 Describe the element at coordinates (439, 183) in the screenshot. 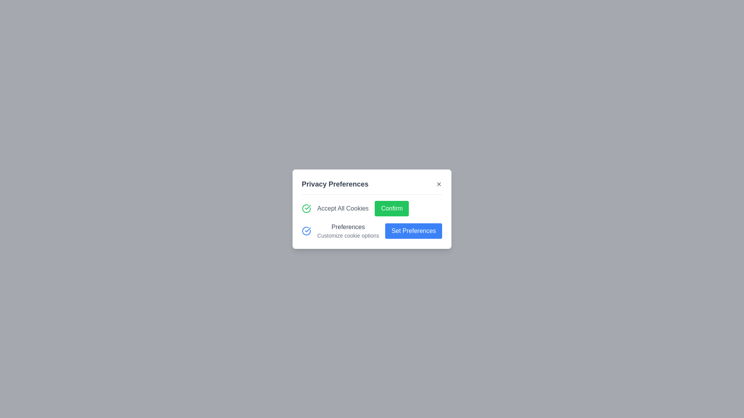

I see `close button in the dialog to close it` at that location.